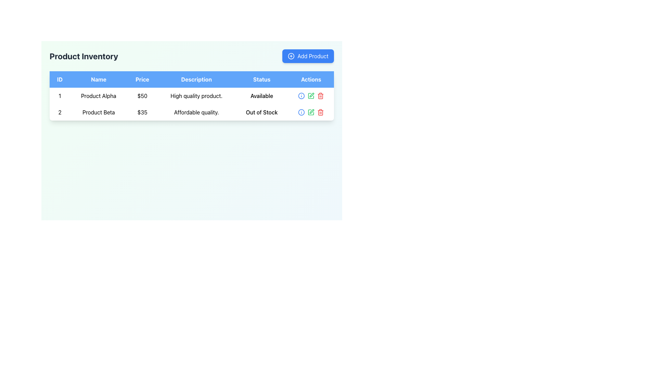 This screenshot has height=370, width=657. I want to click on the circle element in the second row of the 'Actions' column of the table, which is part of an SVG icon, so click(301, 96).